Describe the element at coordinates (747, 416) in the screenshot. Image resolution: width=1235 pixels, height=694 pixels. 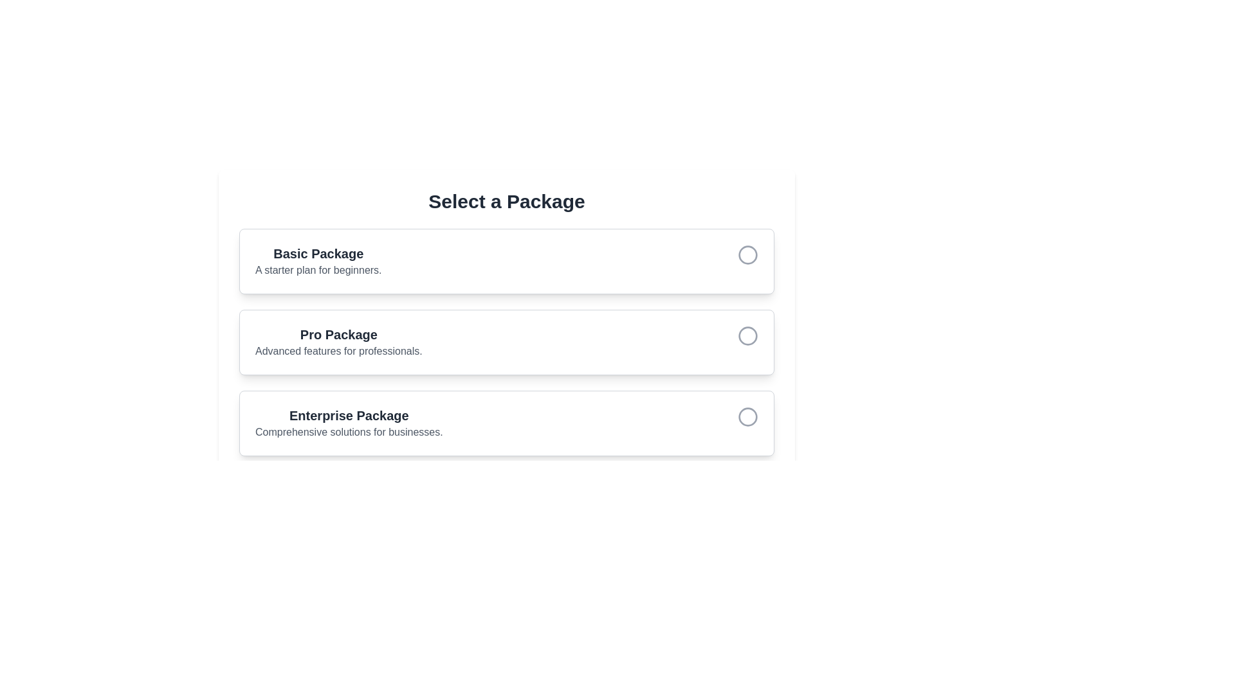
I see `the unselected radio button located at the far right of the 'Enterprise Package' option in the 'Select a Package' layout` at that location.